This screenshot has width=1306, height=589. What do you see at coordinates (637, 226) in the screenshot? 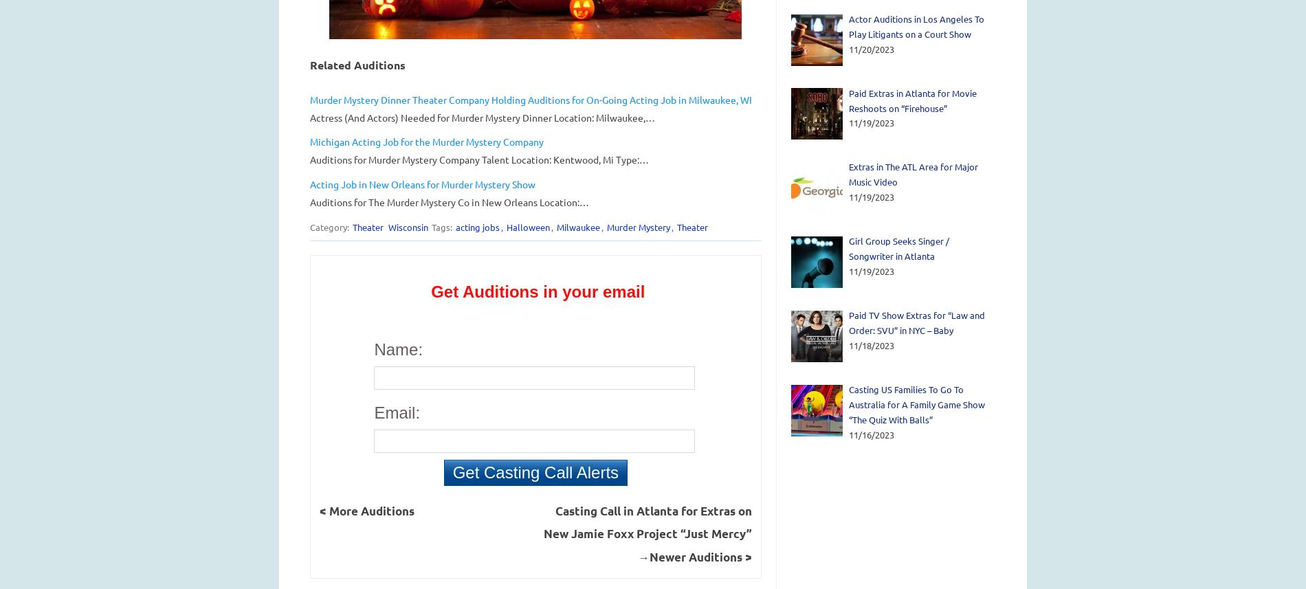
I see `'Murder Mystery'` at bounding box center [637, 226].